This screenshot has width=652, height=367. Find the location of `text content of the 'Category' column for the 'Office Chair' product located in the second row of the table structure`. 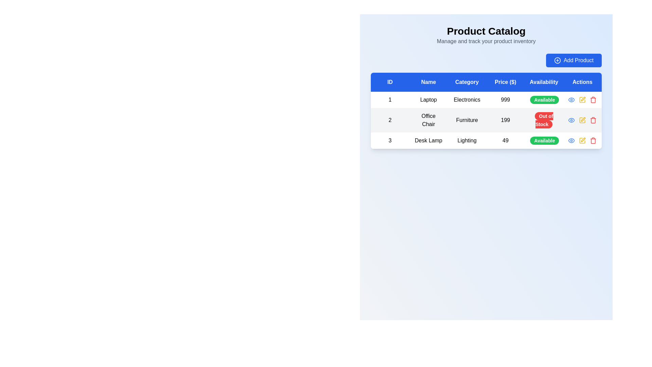

text content of the 'Category' column for the 'Office Chair' product located in the second row of the table structure is located at coordinates (467, 120).